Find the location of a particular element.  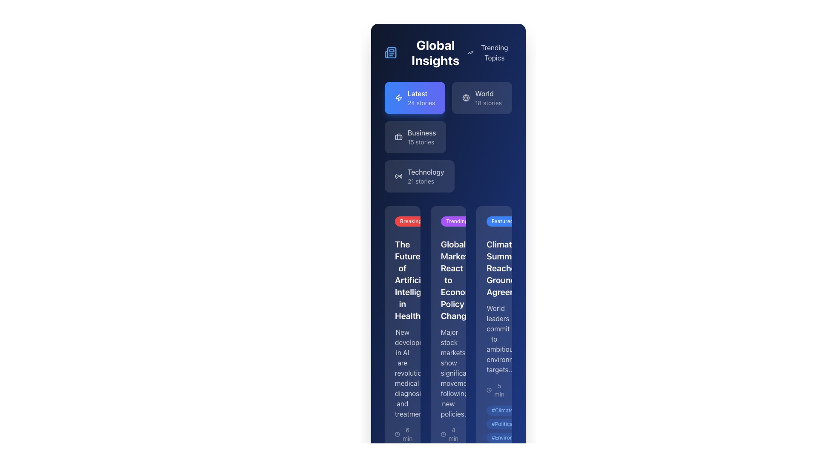

the prominently displayed heading text 'Climate Summit Reaches Groundbreaking Agreement' is located at coordinates (494, 267).